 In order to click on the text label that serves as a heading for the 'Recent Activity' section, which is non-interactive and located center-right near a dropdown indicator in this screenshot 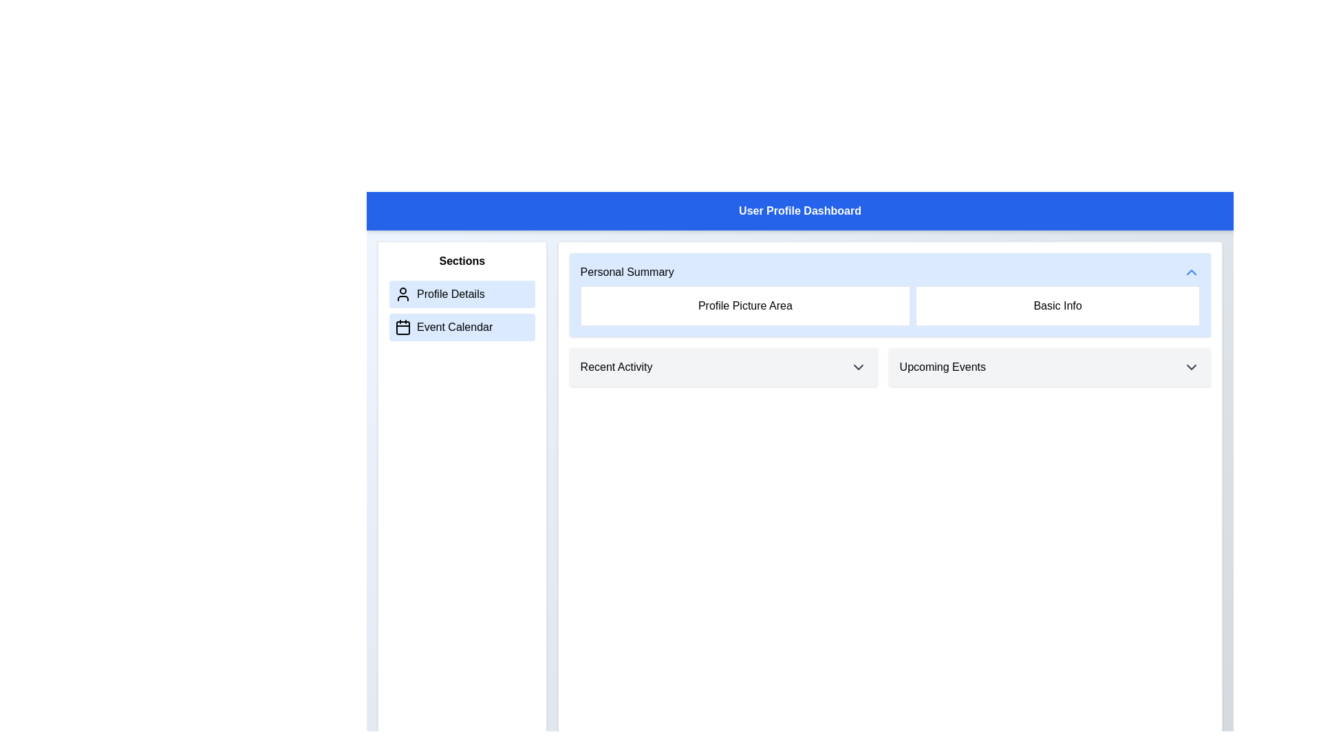, I will do `click(942, 366)`.